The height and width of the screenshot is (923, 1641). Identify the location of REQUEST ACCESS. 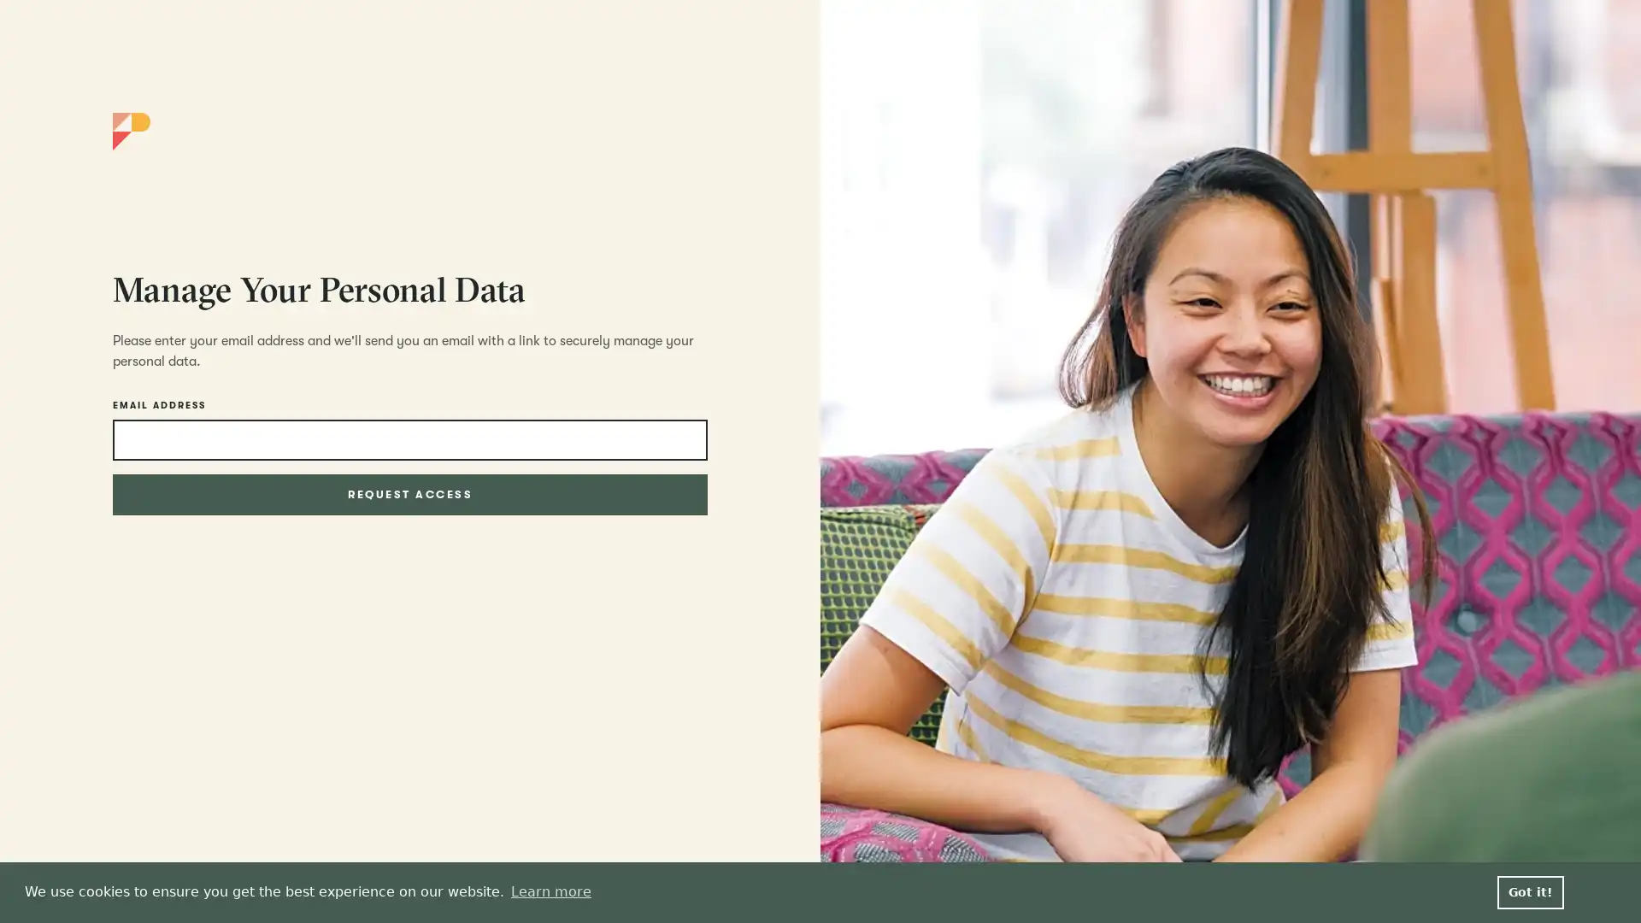
(409, 494).